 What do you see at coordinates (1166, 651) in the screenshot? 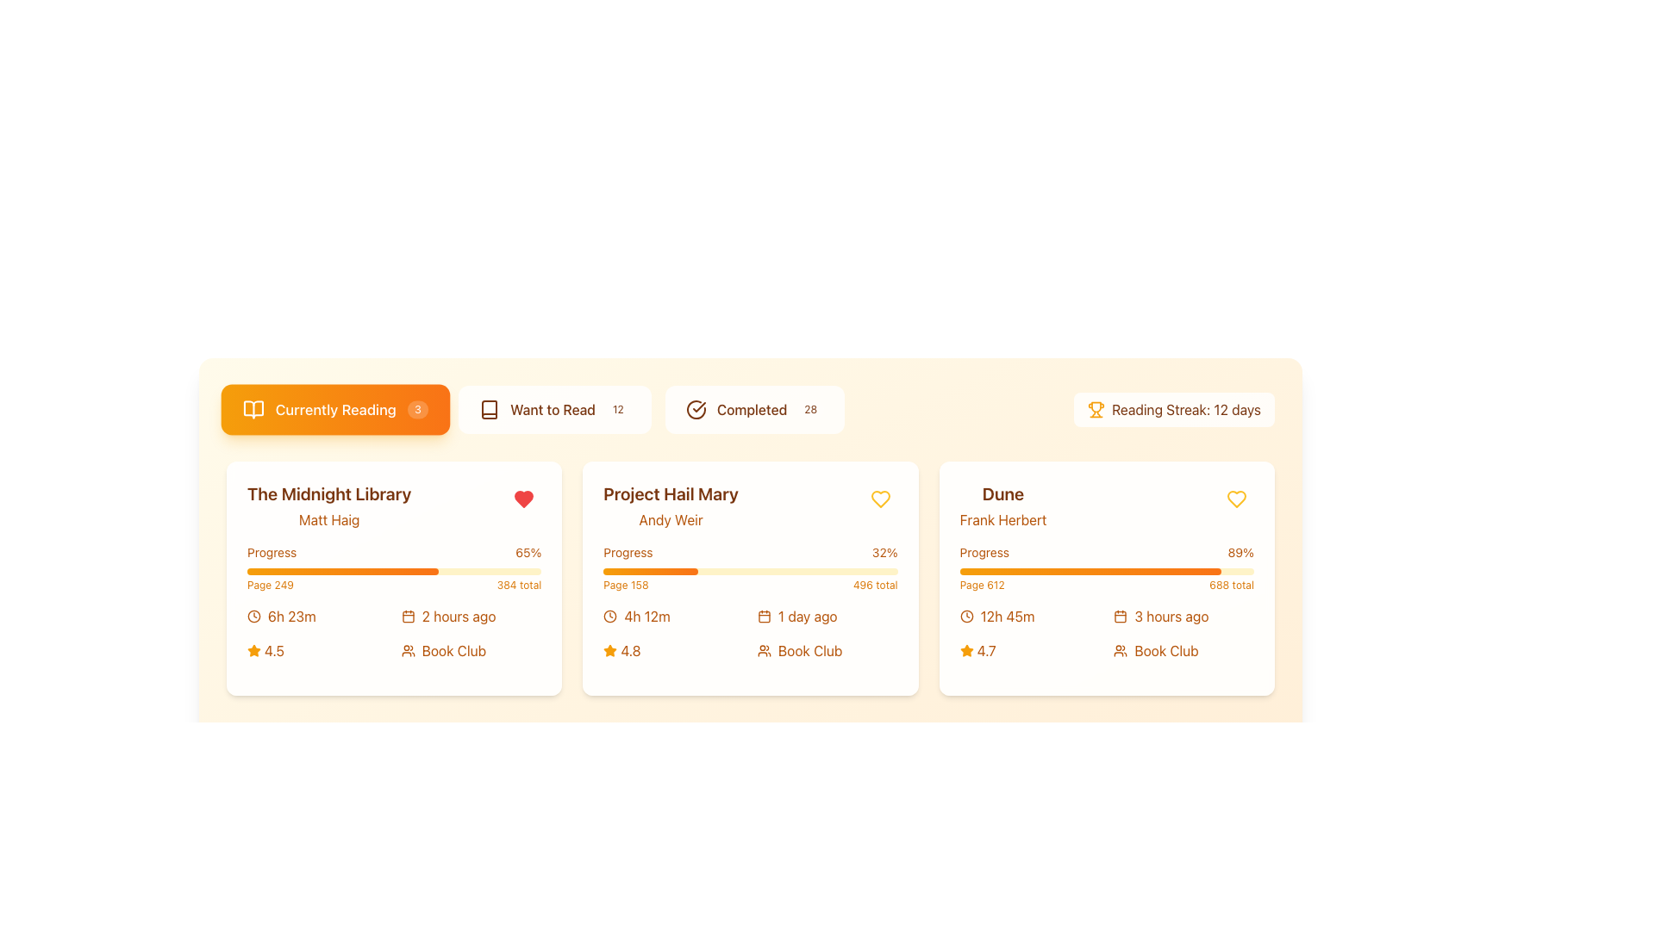
I see `the 'Book Club' text label associated with the book 'Dune' by Frank Herbert to highlight the text` at bounding box center [1166, 651].